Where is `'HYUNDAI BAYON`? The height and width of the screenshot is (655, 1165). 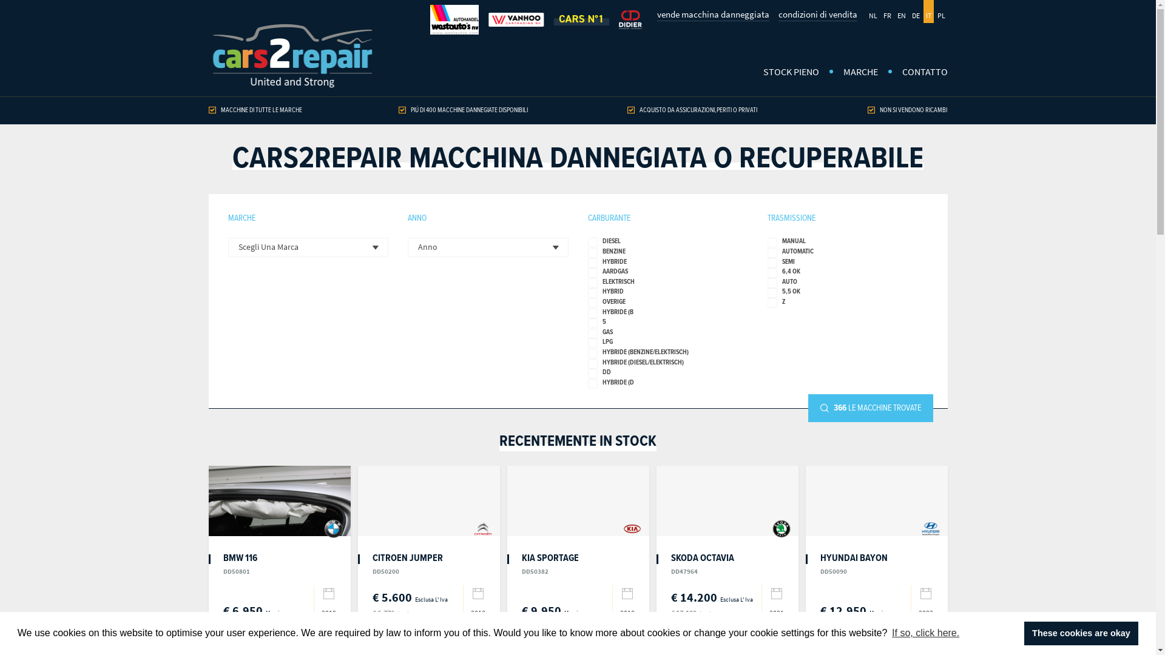
'HYUNDAI BAYON is located at coordinates (853, 563).